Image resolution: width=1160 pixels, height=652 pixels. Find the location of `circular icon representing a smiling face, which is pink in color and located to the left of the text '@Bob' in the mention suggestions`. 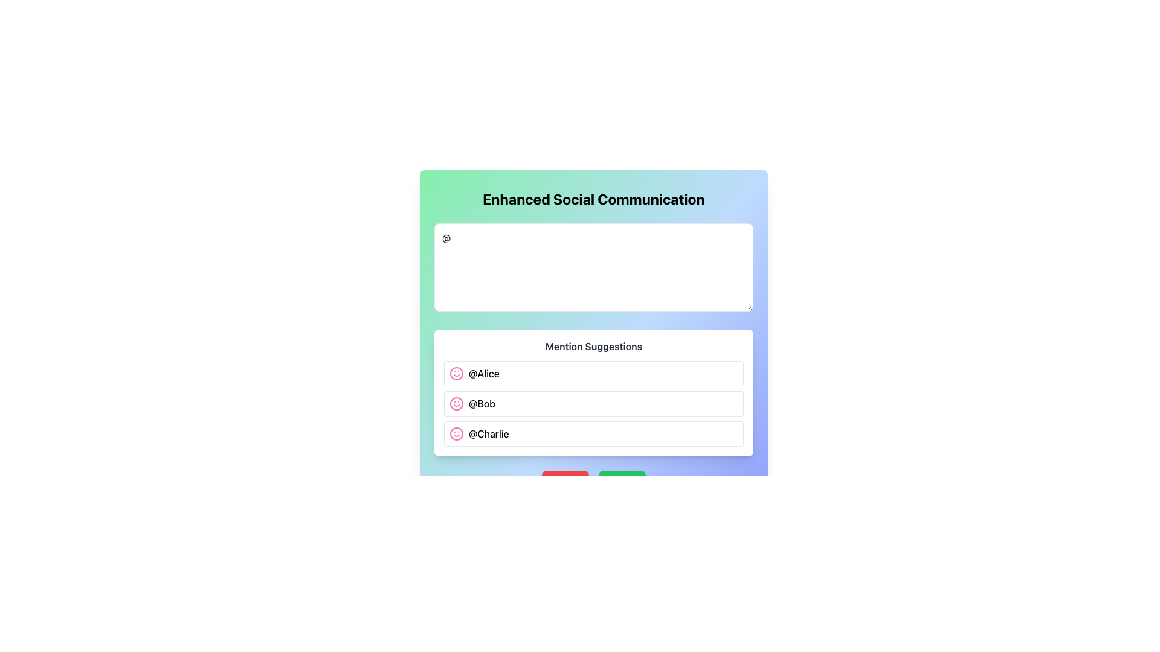

circular icon representing a smiling face, which is pink in color and located to the left of the text '@Bob' in the mention suggestions is located at coordinates (456, 403).